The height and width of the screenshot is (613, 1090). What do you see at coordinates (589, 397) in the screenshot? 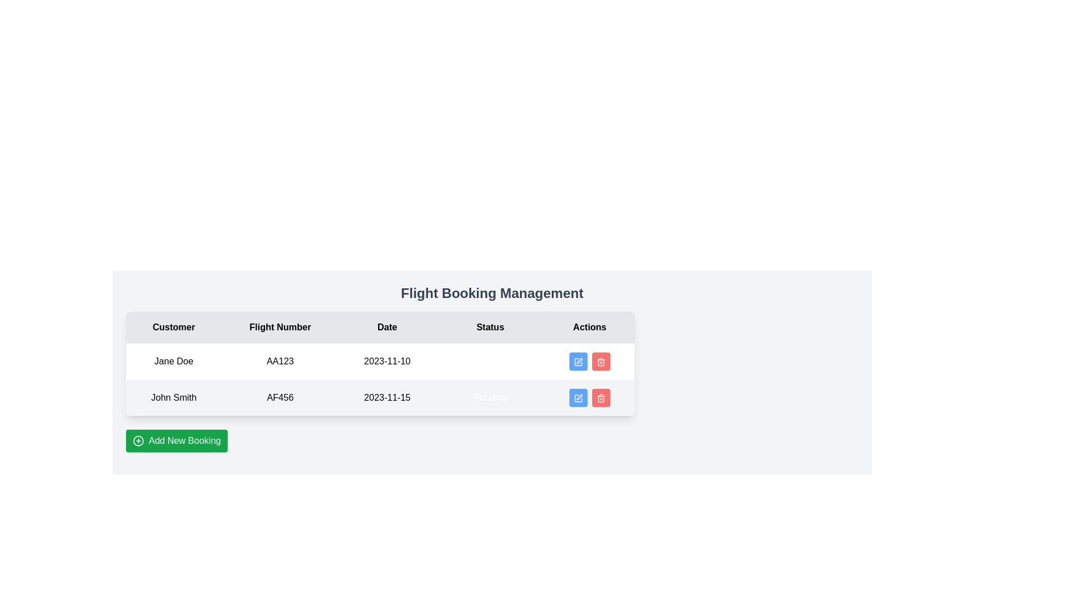
I see `the action buttons in the 'Actions' column for 'John Smith'` at bounding box center [589, 397].